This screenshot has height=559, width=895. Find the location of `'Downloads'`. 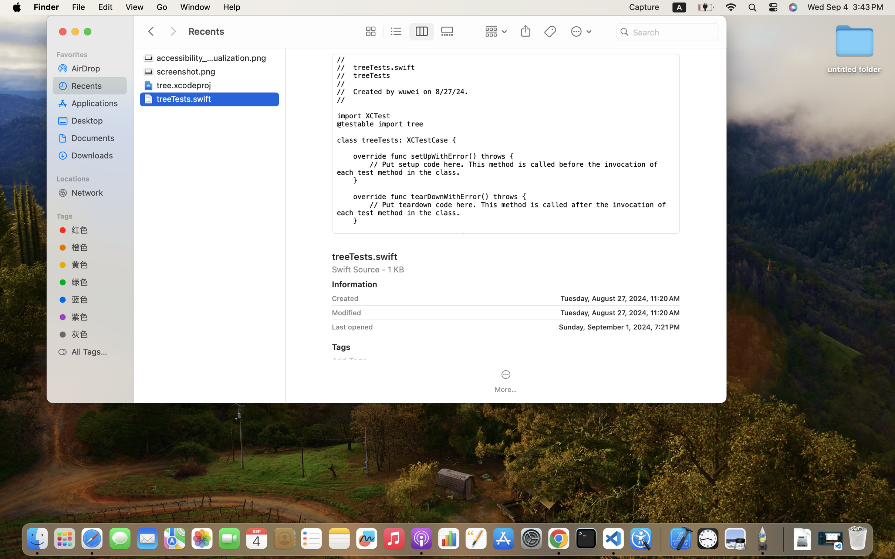

'Downloads' is located at coordinates (96, 155).